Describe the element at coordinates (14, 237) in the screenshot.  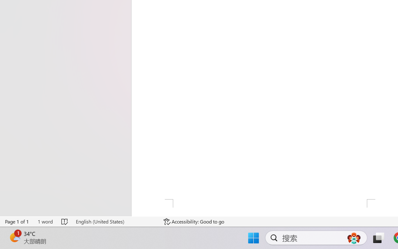
I see `'AutomationID: BadgeAnchorLargeTicker'` at that location.